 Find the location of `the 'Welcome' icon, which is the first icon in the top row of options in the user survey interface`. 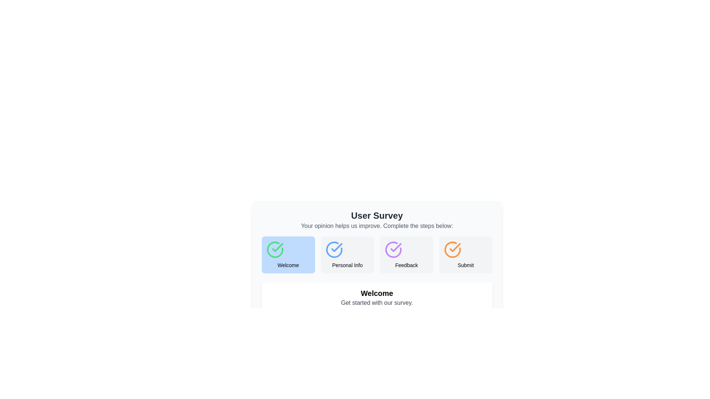

the 'Welcome' icon, which is the first icon in the top row of options in the user survey interface is located at coordinates (274, 249).